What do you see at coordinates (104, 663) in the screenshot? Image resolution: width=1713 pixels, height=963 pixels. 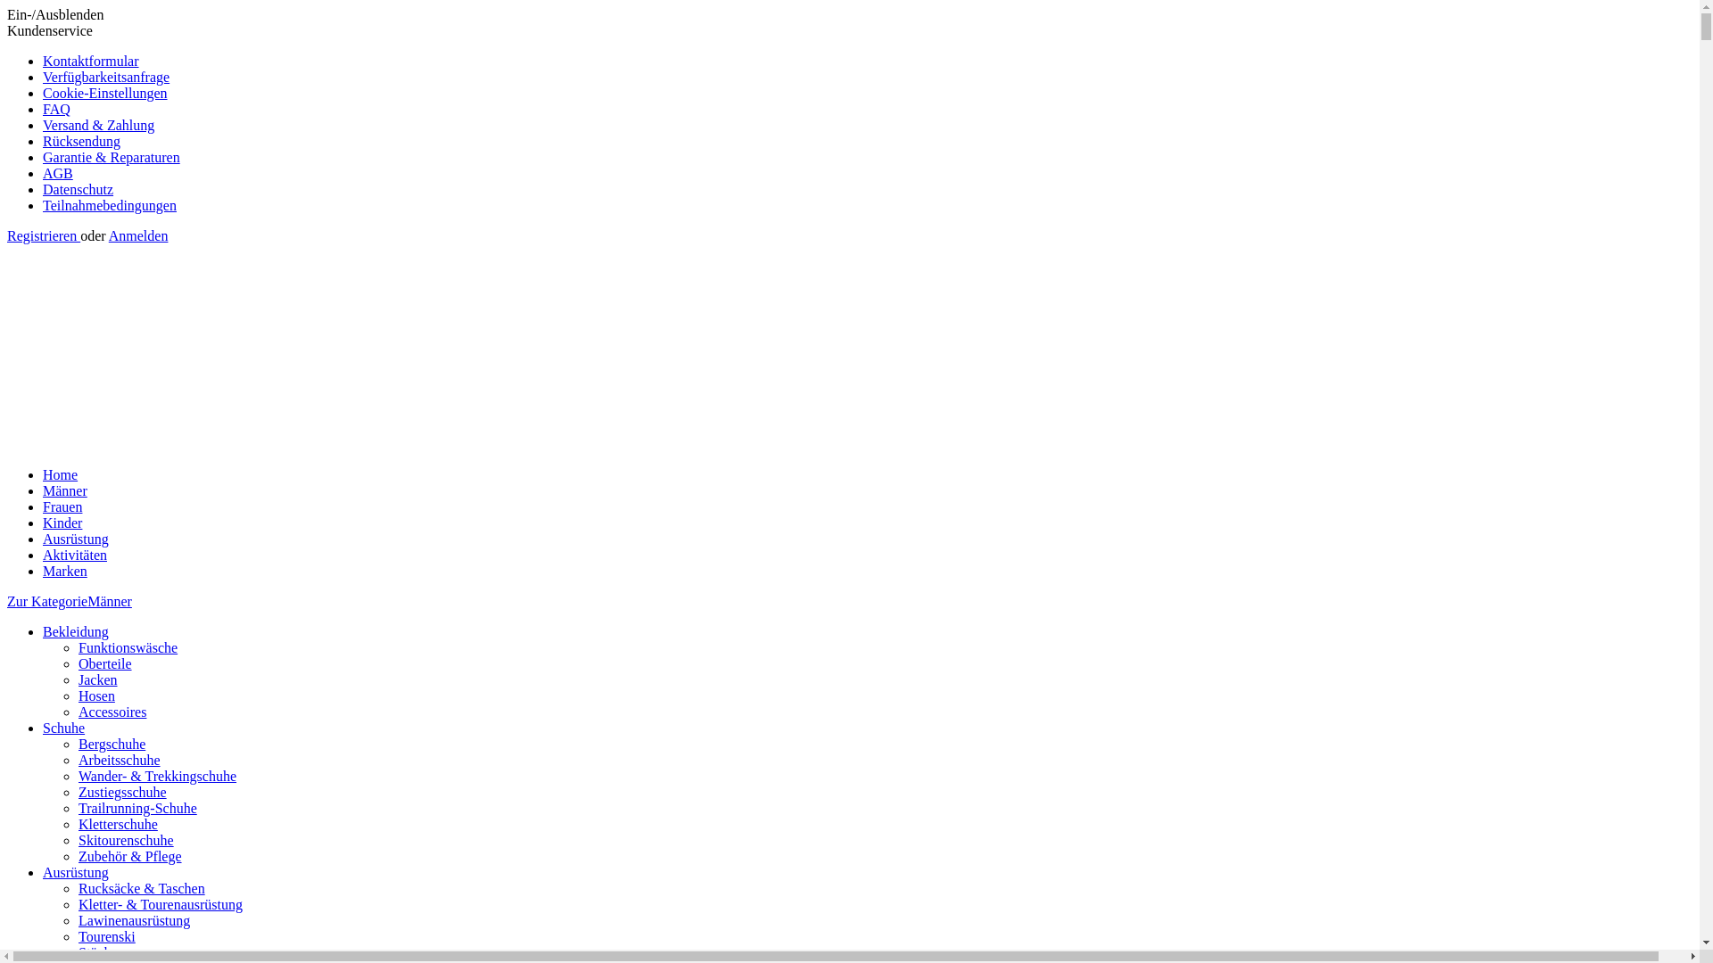 I see `'Oberteile'` at bounding box center [104, 663].